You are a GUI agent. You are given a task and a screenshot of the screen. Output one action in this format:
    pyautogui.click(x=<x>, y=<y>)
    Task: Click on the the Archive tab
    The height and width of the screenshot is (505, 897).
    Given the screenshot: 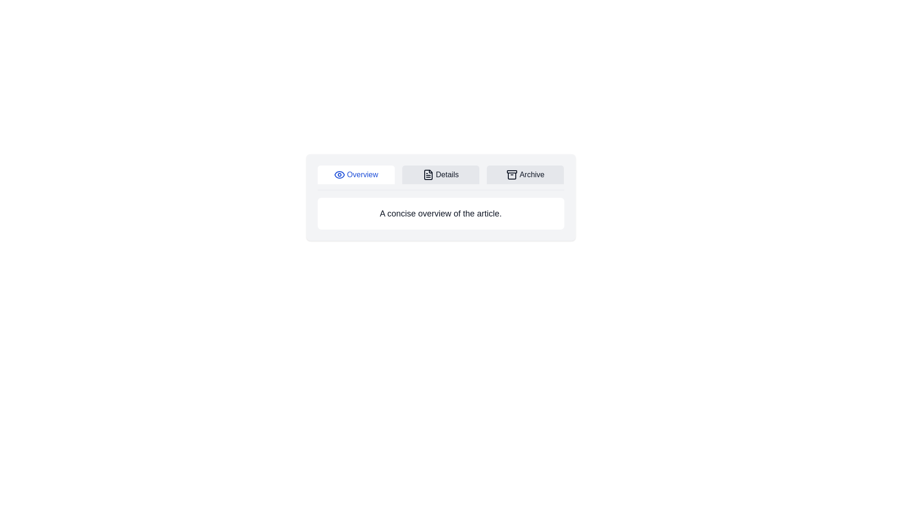 What is the action you would take?
    pyautogui.click(x=525, y=175)
    